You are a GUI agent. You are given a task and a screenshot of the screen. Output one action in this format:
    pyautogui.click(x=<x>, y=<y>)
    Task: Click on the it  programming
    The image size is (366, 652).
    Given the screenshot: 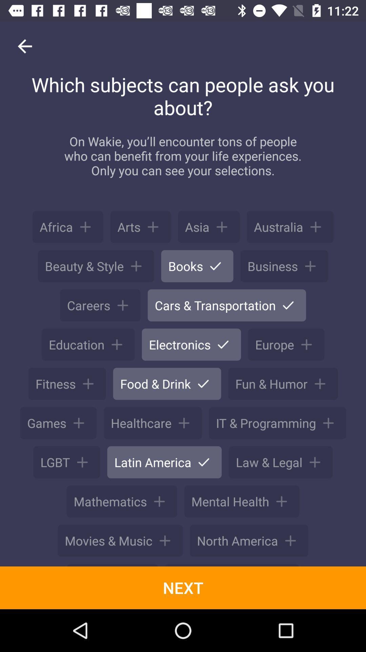 What is the action you would take?
    pyautogui.click(x=277, y=423)
    